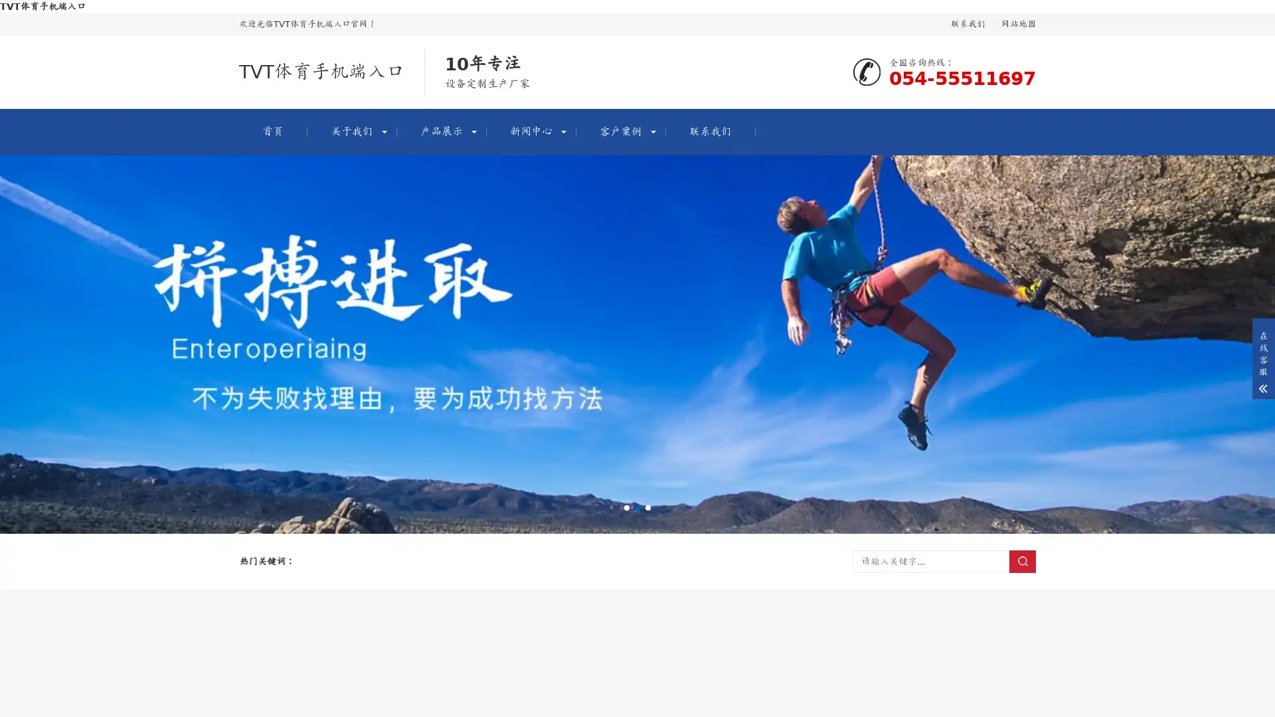 This screenshot has height=717, width=1275. Describe the element at coordinates (626, 507) in the screenshot. I see `Go to slide 1` at that location.